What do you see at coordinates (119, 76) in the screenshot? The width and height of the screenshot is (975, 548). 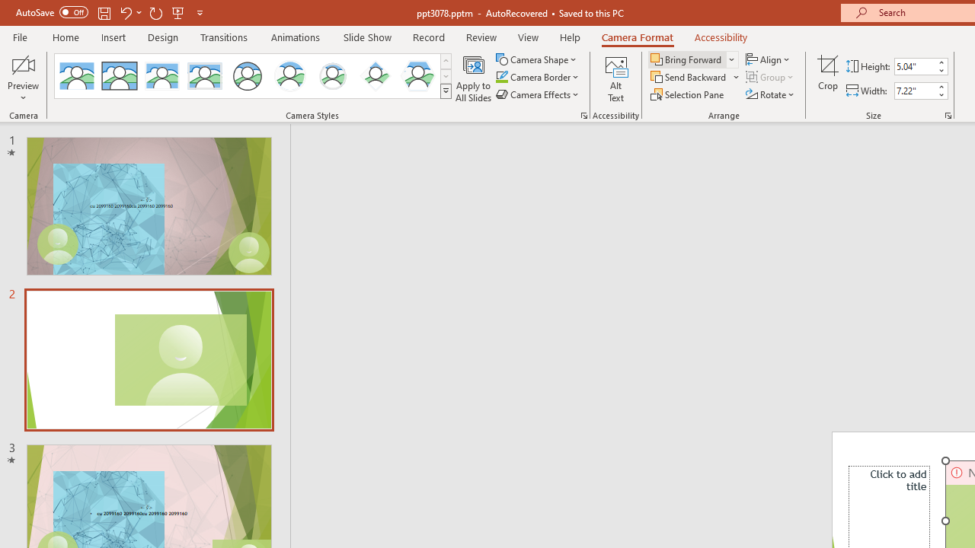 I see `'Simple Frame Rectangle'` at bounding box center [119, 76].